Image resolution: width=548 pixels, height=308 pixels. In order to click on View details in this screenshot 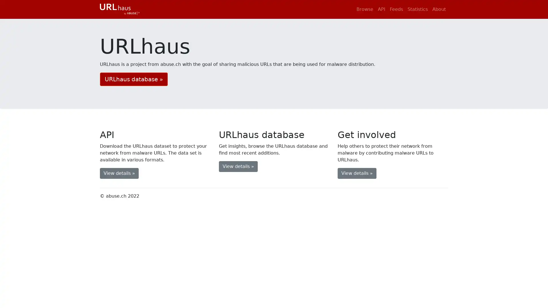, I will do `click(238, 166)`.